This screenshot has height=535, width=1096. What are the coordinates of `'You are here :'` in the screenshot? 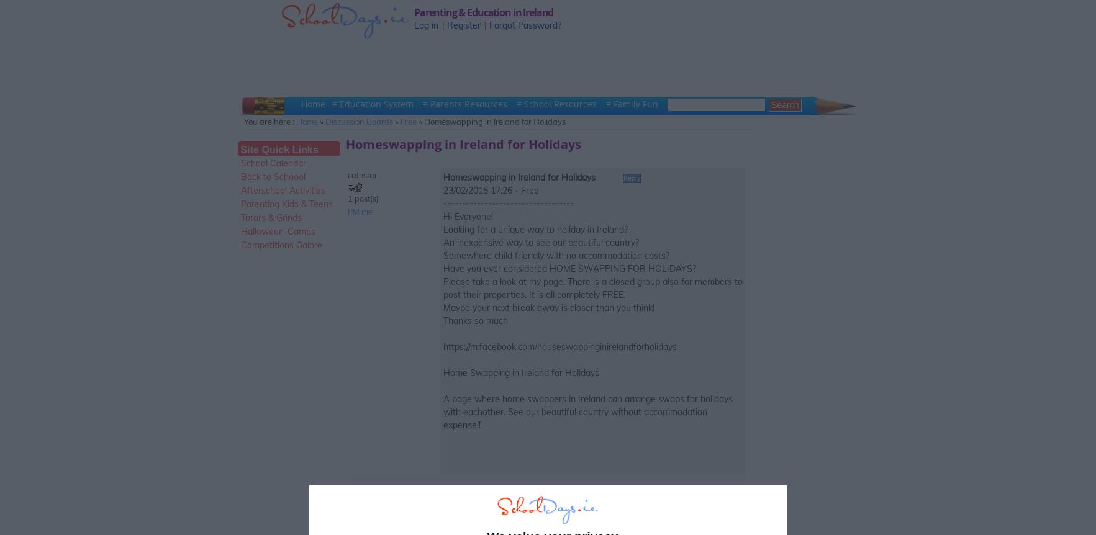 It's located at (269, 122).